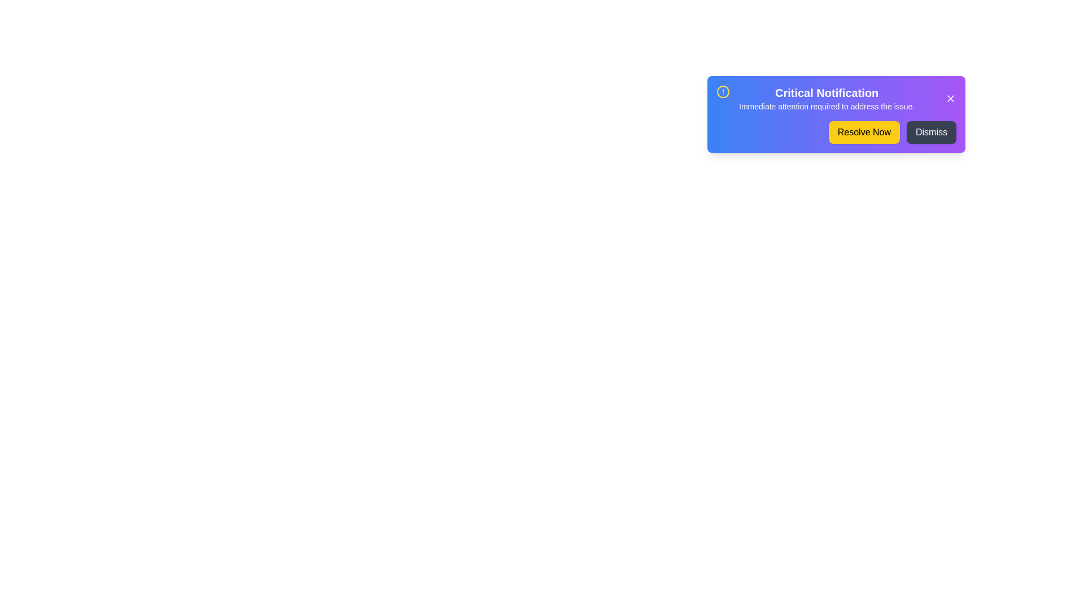 The height and width of the screenshot is (609, 1084). I want to click on the 'X' icon located in the top-right corner of the notification bar, so click(950, 98).